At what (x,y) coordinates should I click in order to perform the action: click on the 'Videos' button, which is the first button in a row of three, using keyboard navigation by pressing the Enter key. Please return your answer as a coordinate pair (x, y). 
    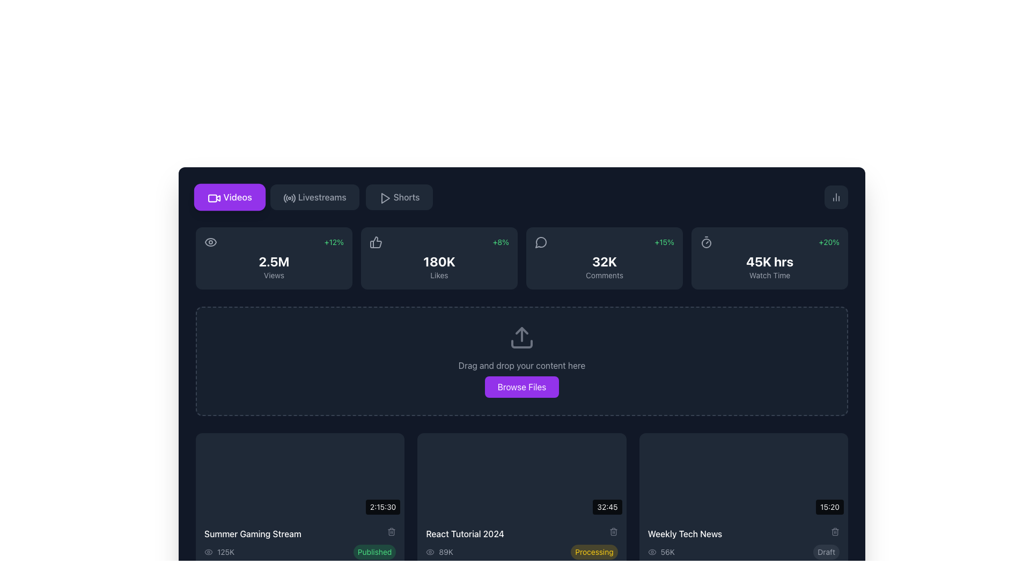
    Looking at the image, I should click on (229, 197).